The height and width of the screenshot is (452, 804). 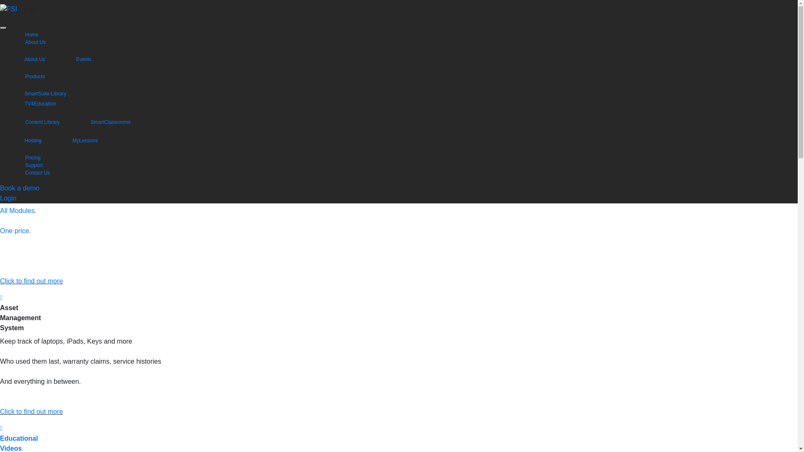 What do you see at coordinates (33, 165) in the screenshot?
I see `'Support'` at bounding box center [33, 165].